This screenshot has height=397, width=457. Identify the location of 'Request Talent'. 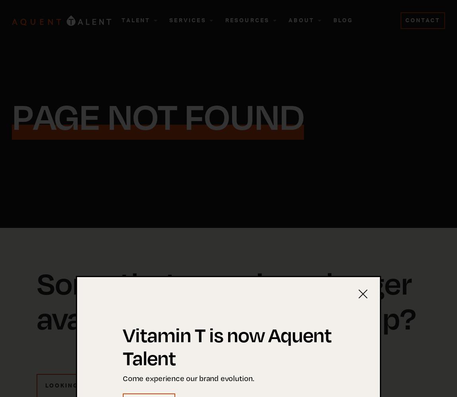
(207, 135).